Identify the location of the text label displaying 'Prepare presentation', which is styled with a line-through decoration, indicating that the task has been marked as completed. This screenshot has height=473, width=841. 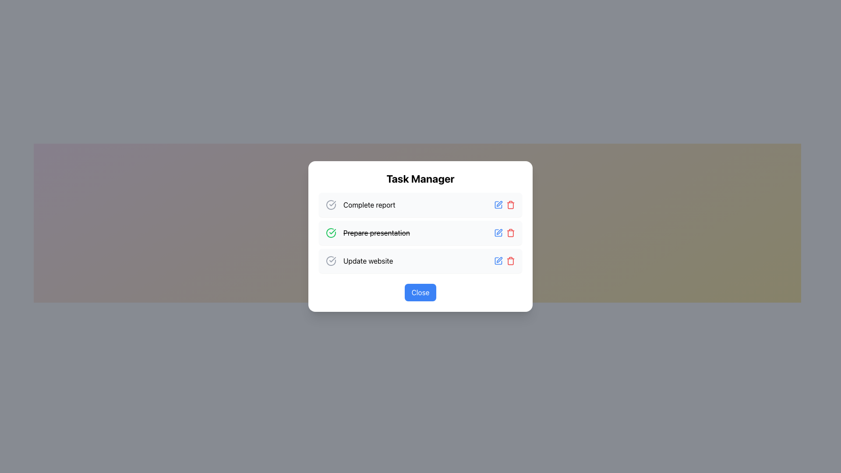
(376, 233).